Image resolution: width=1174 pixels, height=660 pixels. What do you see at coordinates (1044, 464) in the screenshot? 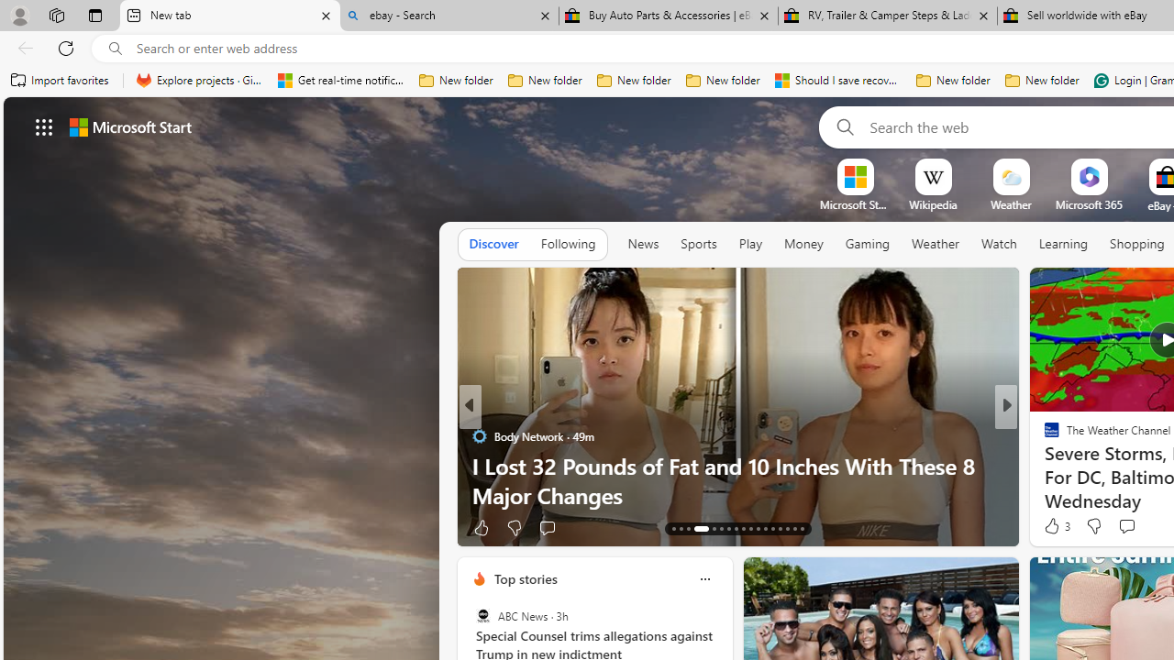
I see `'Verywell Mind'` at bounding box center [1044, 464].